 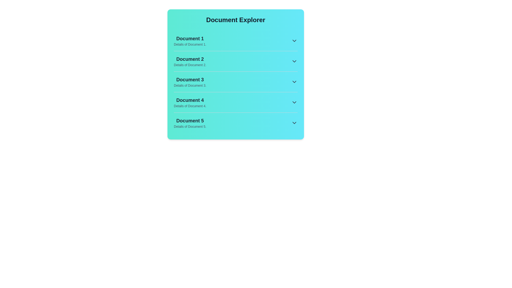 What do you see at coordinates (190, 80) in the screenshot?
I see `the title and description of document 3` at bounding box center [190, 80].